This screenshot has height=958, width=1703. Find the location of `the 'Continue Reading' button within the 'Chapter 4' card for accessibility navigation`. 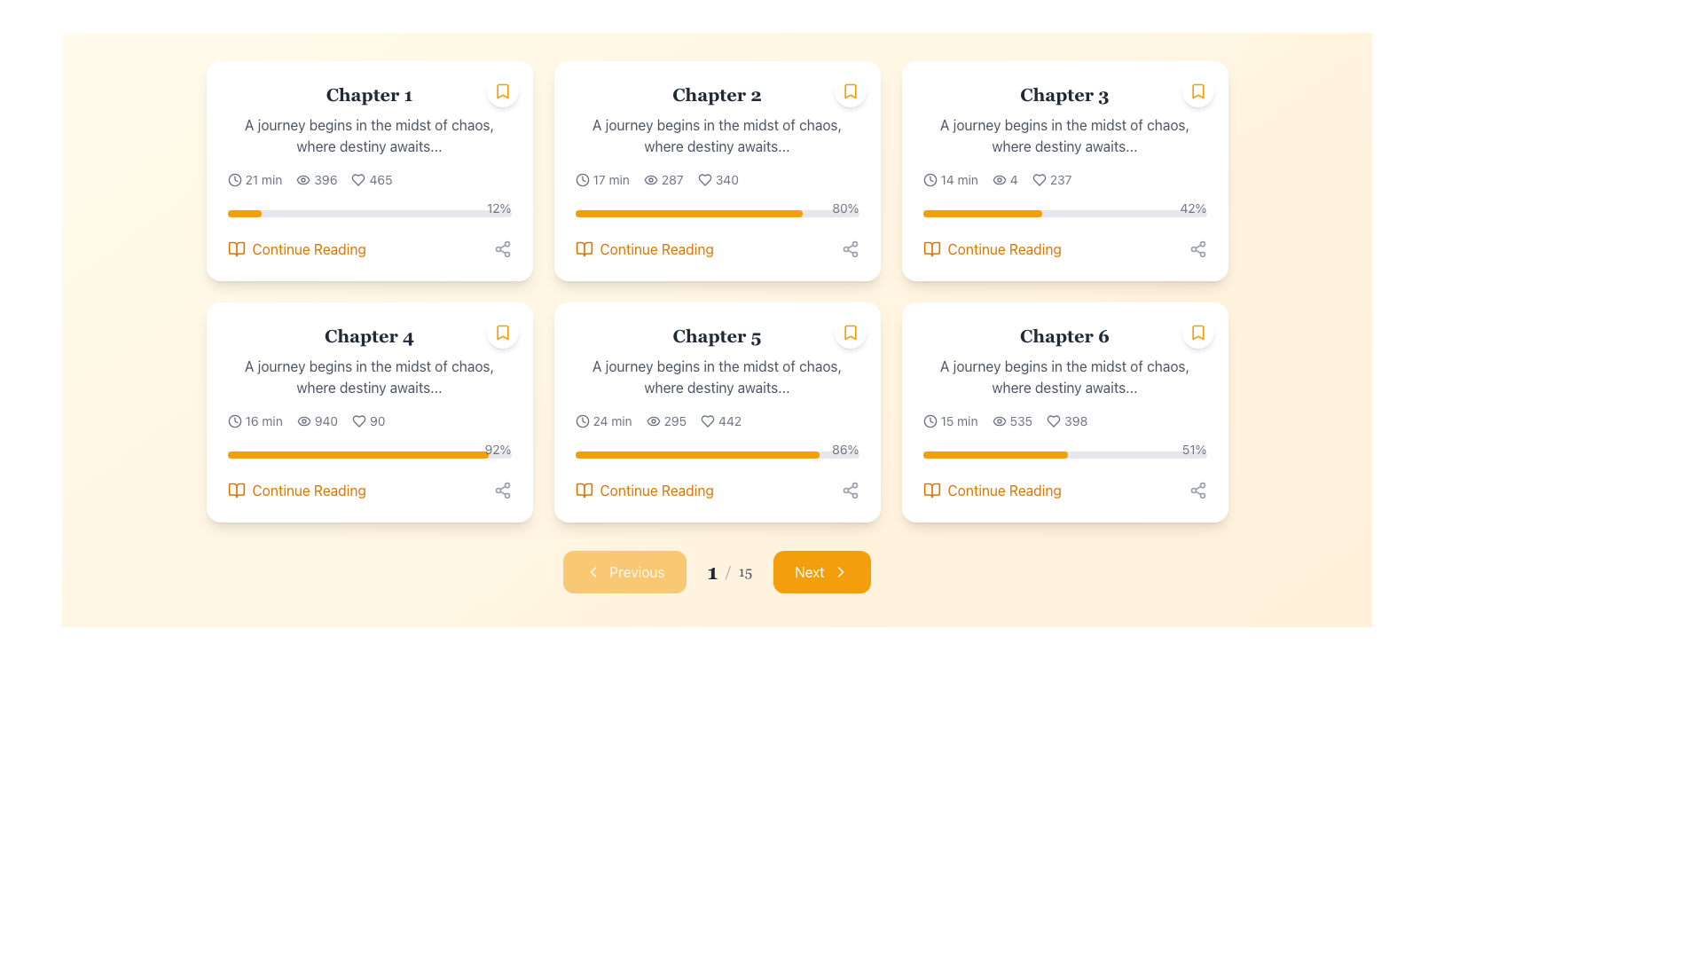

the 'Continue Reading' button within the 'Chapter 4' card for accessibility navigation is located at coordinates (296, 490).